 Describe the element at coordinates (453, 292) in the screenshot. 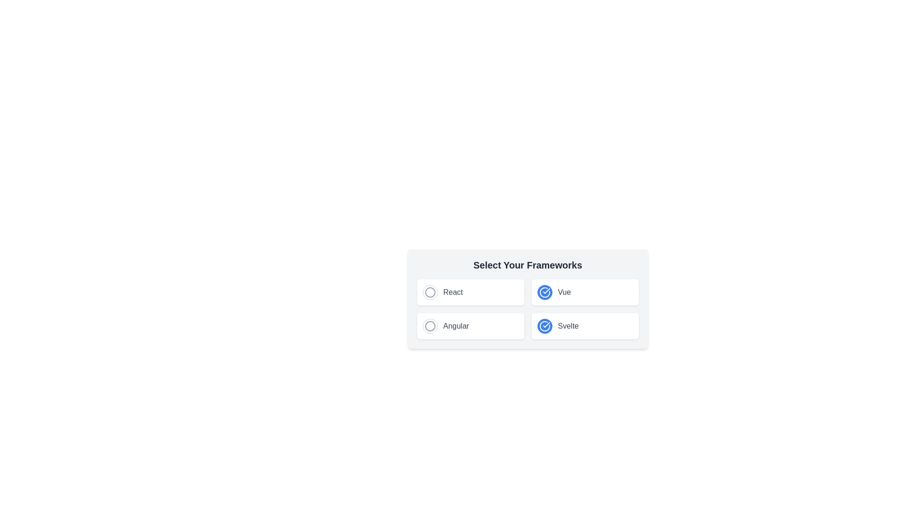

I see `text of the Text label that indicates the associated framework option, located in the top-left cell of the framework selection grid, adjacent to an unmarked radio button icon` at that location.